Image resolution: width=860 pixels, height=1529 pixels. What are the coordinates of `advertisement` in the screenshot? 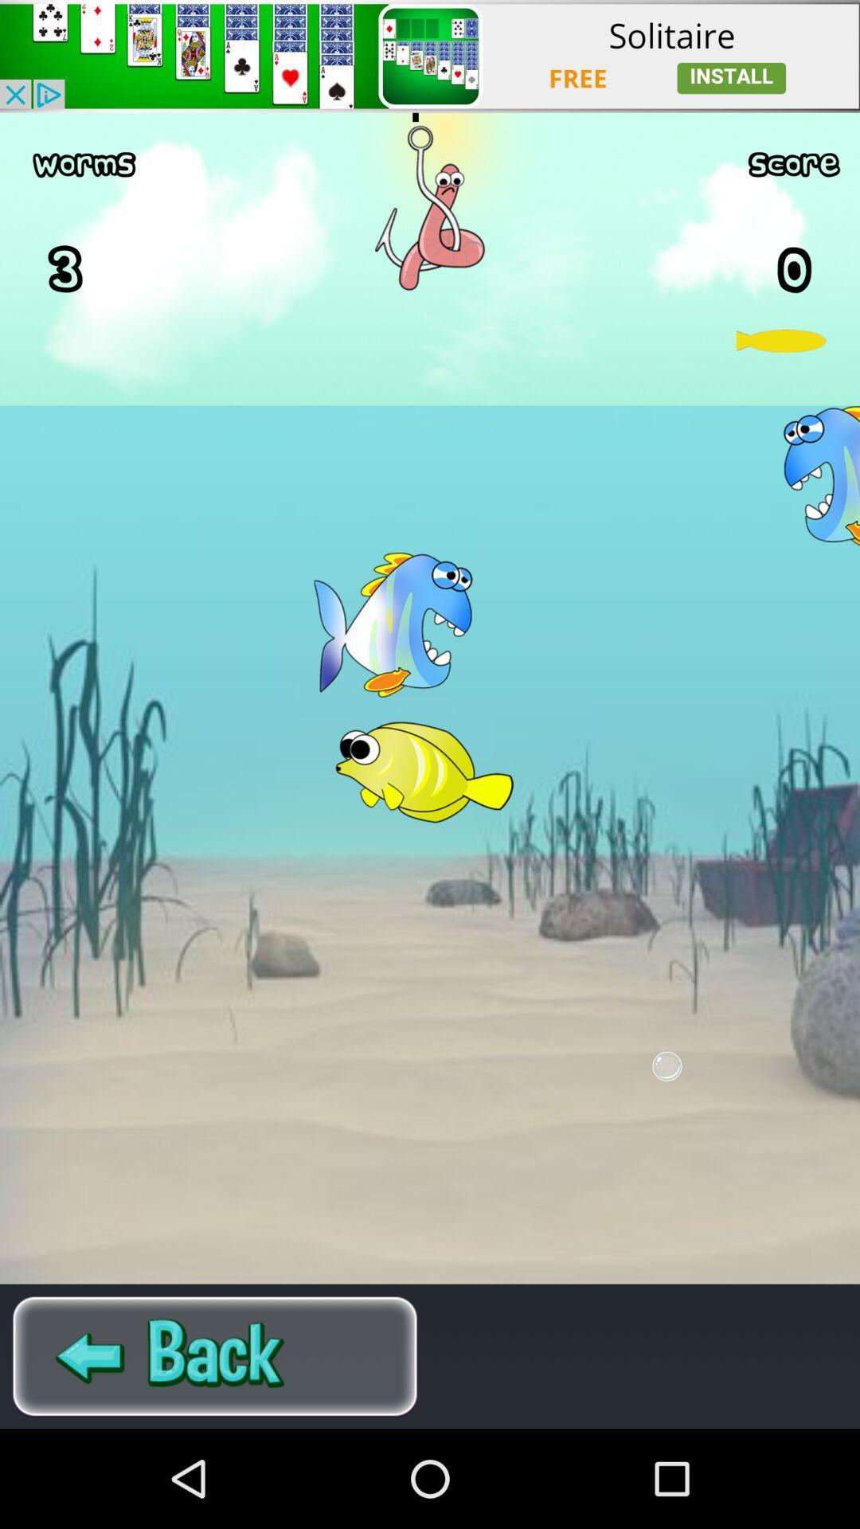 It's located at (430, 56).